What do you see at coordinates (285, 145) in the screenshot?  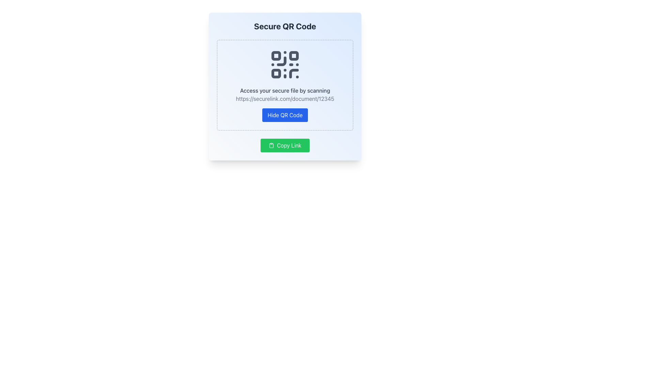 I see `the button that copies a secure link to the clipboard, located at the bottom center of the 'Secure QR Code' card interface` at bounding box center [285, 145].